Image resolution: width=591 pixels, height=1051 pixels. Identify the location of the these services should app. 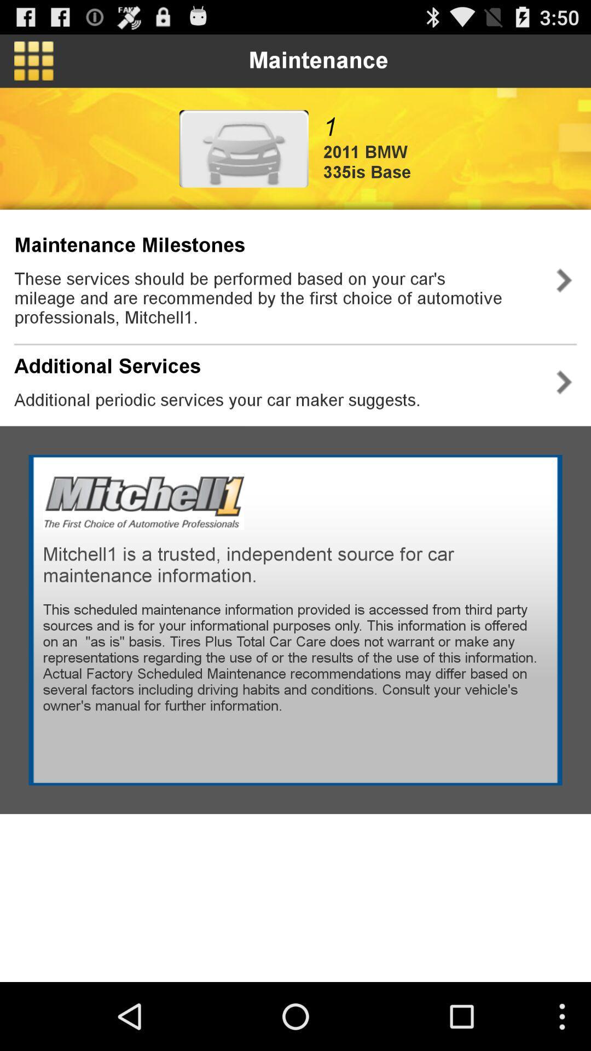
(275, 298).